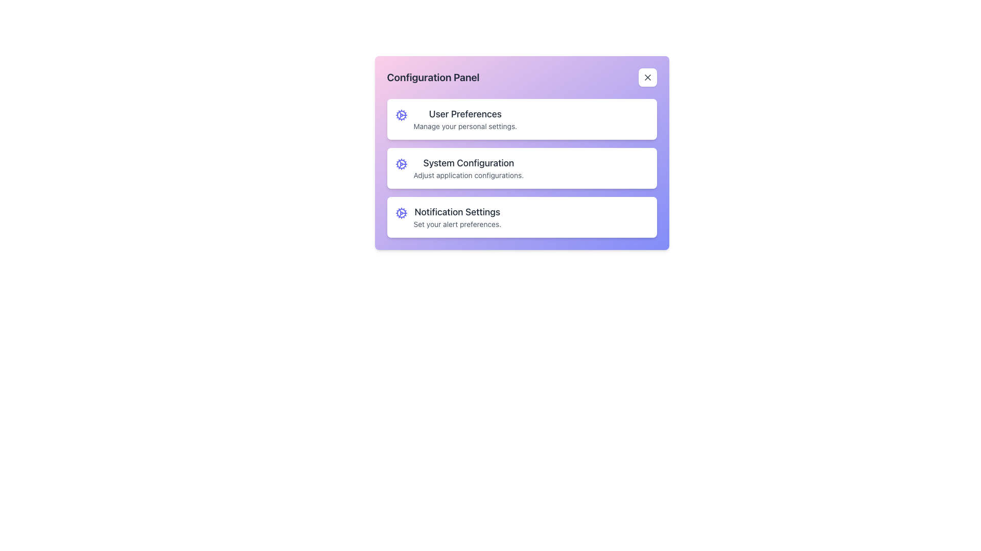 The height and width of the screenshot is (551, 981). I want to click on the supplementary information text located below the 'Notification Settings' heading, which is horizontally centered in the lower half of its card, so click(457, 223).